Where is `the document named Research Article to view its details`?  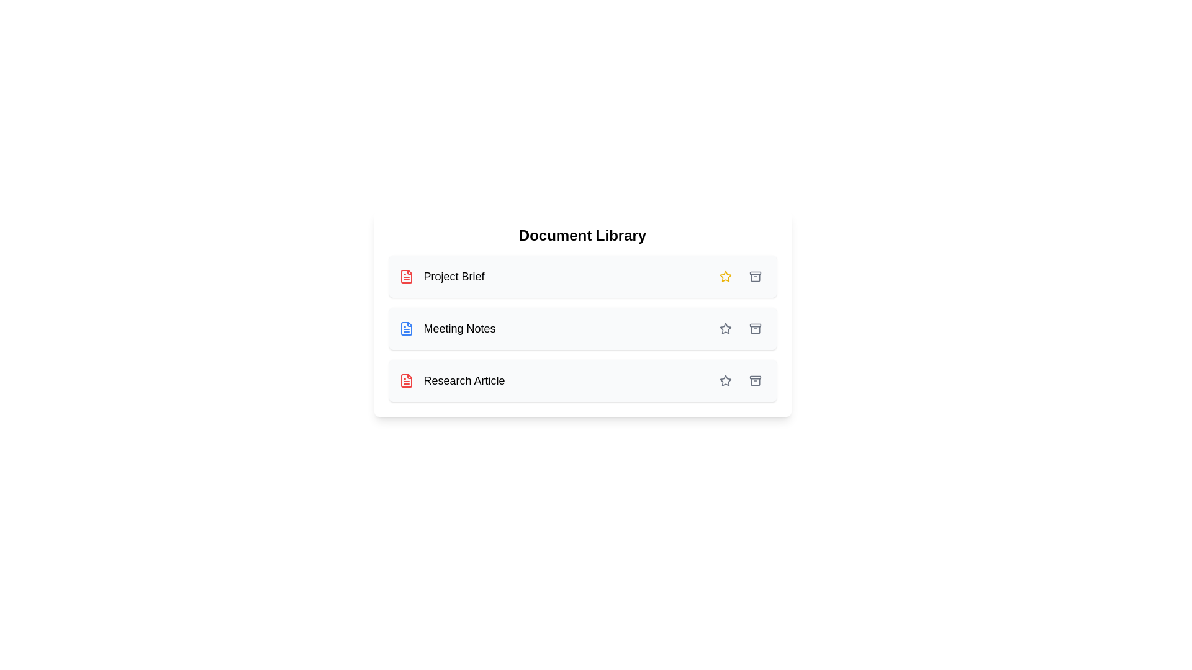
the document named Research Article to view its details is located at coordinates (451, 380).